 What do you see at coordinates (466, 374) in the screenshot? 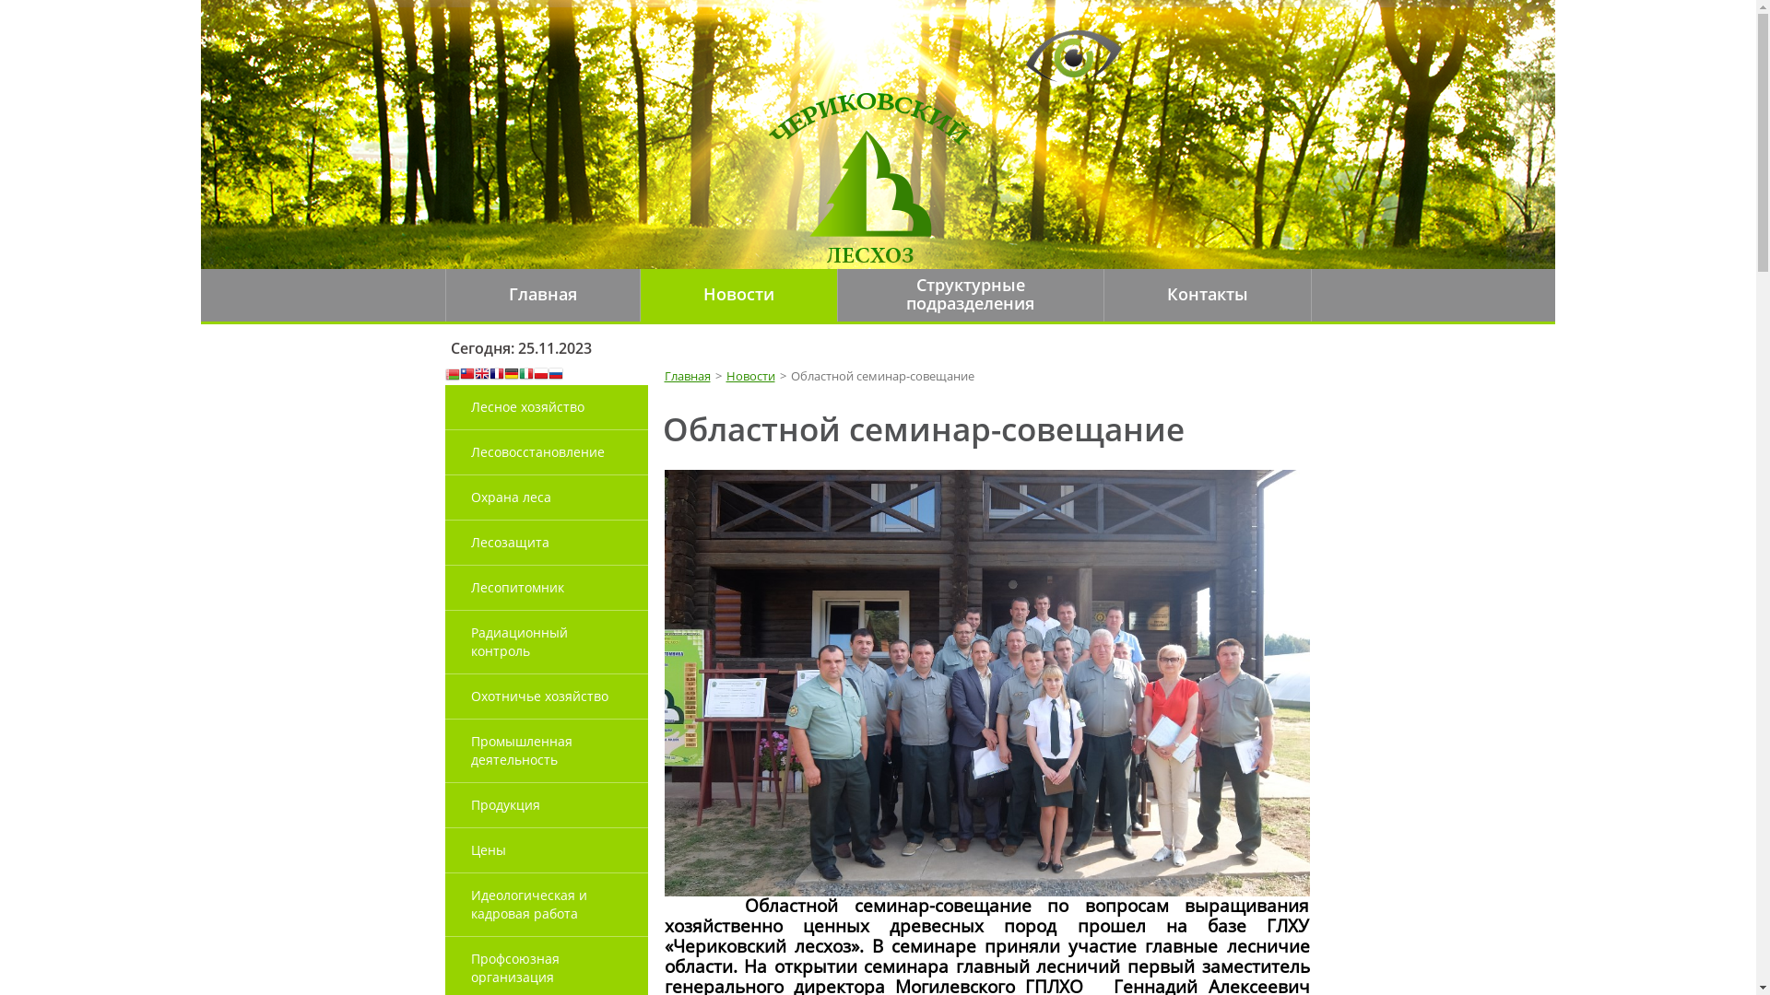
I see `'Chinese (Traditional)'` at bounding box center [466, 374].